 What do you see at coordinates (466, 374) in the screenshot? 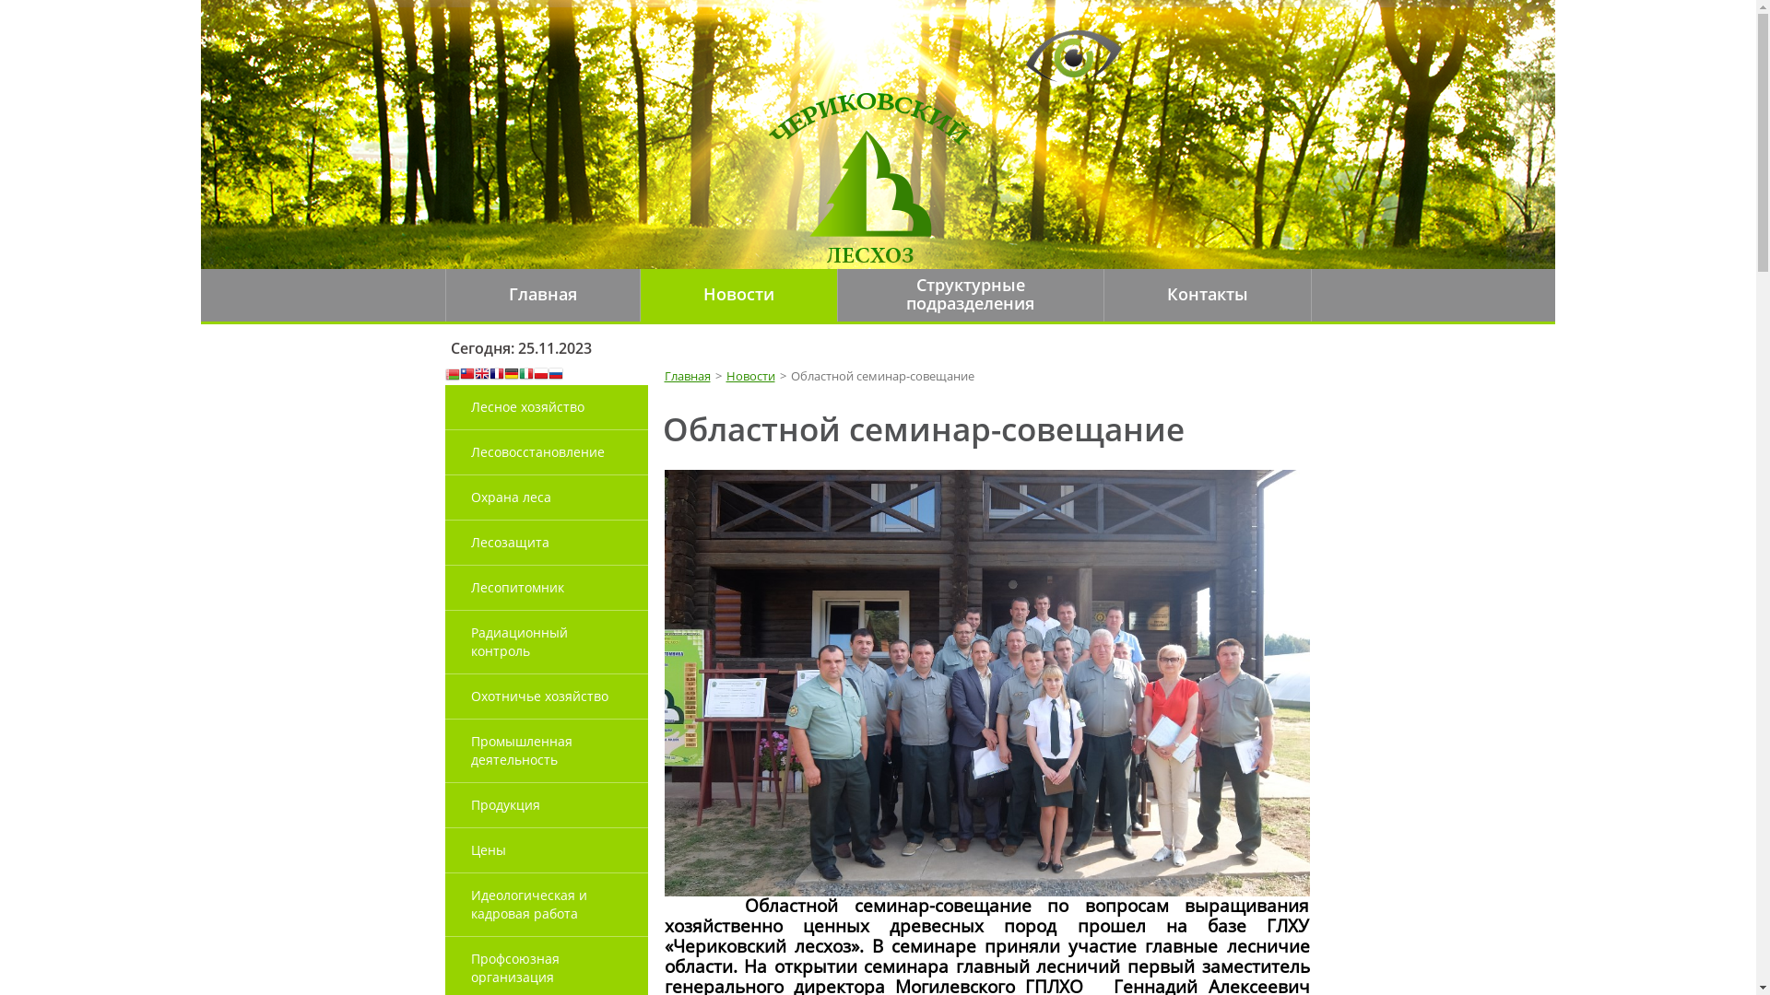
I see `'Chinese (Traditional)'` at bounding box center [466, 374].